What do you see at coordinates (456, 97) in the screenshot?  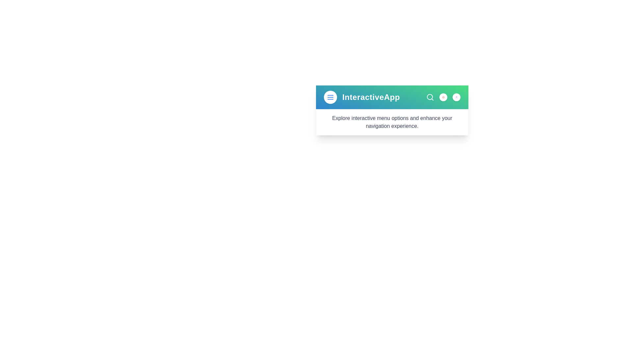 I see `the user profile icon to interact with it` at bounding box center [456, 97].